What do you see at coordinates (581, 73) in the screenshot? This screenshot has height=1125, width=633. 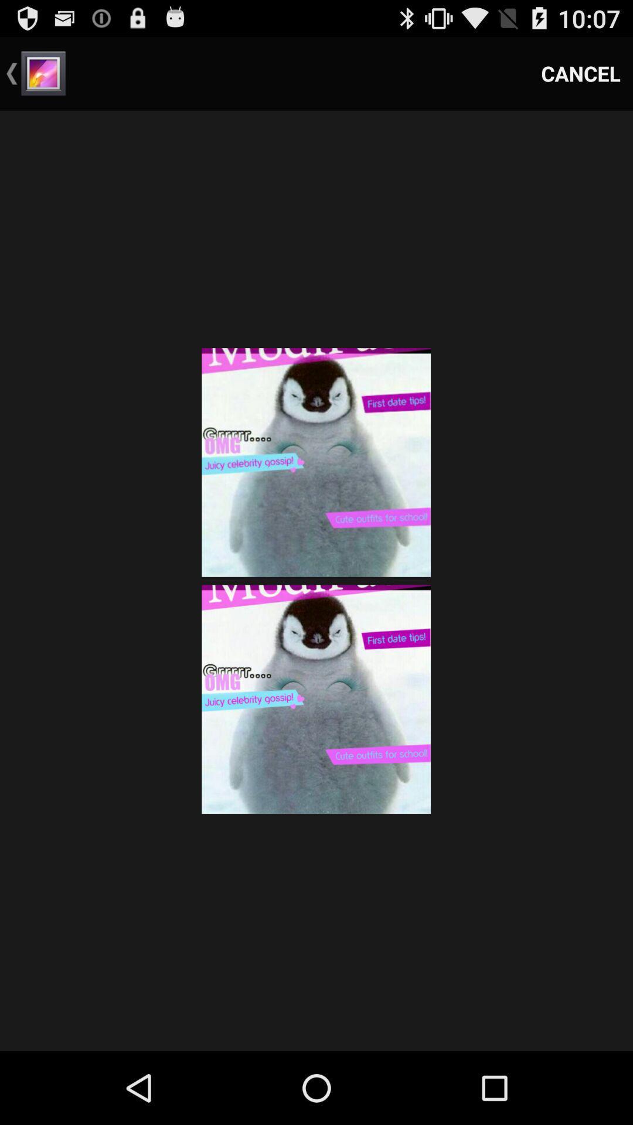 I see `the cancel item` at bounding box center [581, 73].